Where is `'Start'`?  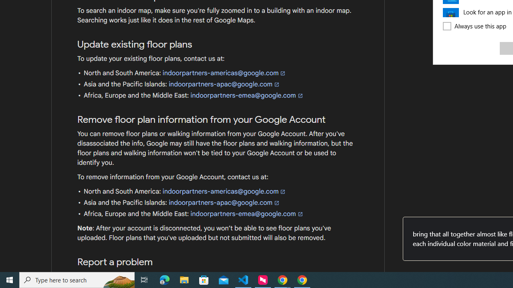 'Start' is located at coordinates (10, 279).